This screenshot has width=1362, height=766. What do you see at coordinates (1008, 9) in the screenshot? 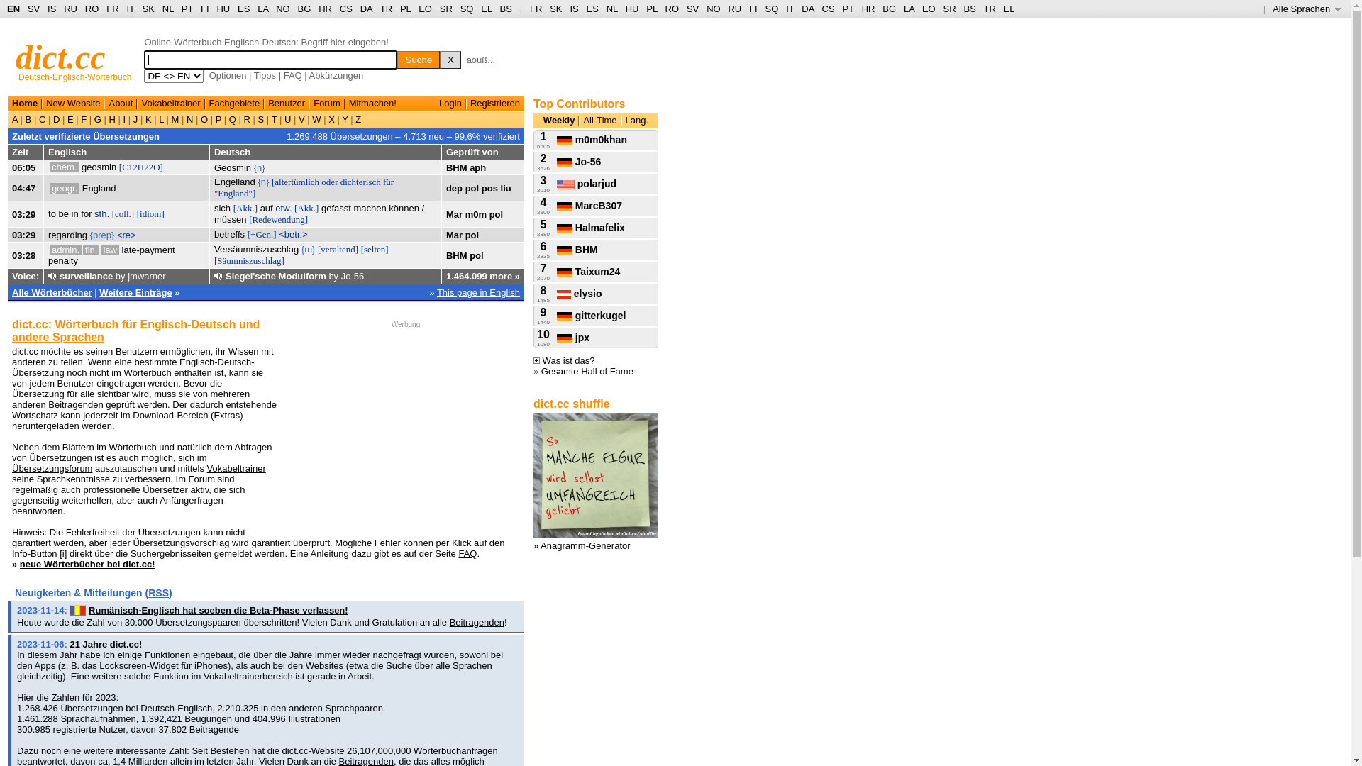
I see `'EL'` at bounding box center [1008, 9].